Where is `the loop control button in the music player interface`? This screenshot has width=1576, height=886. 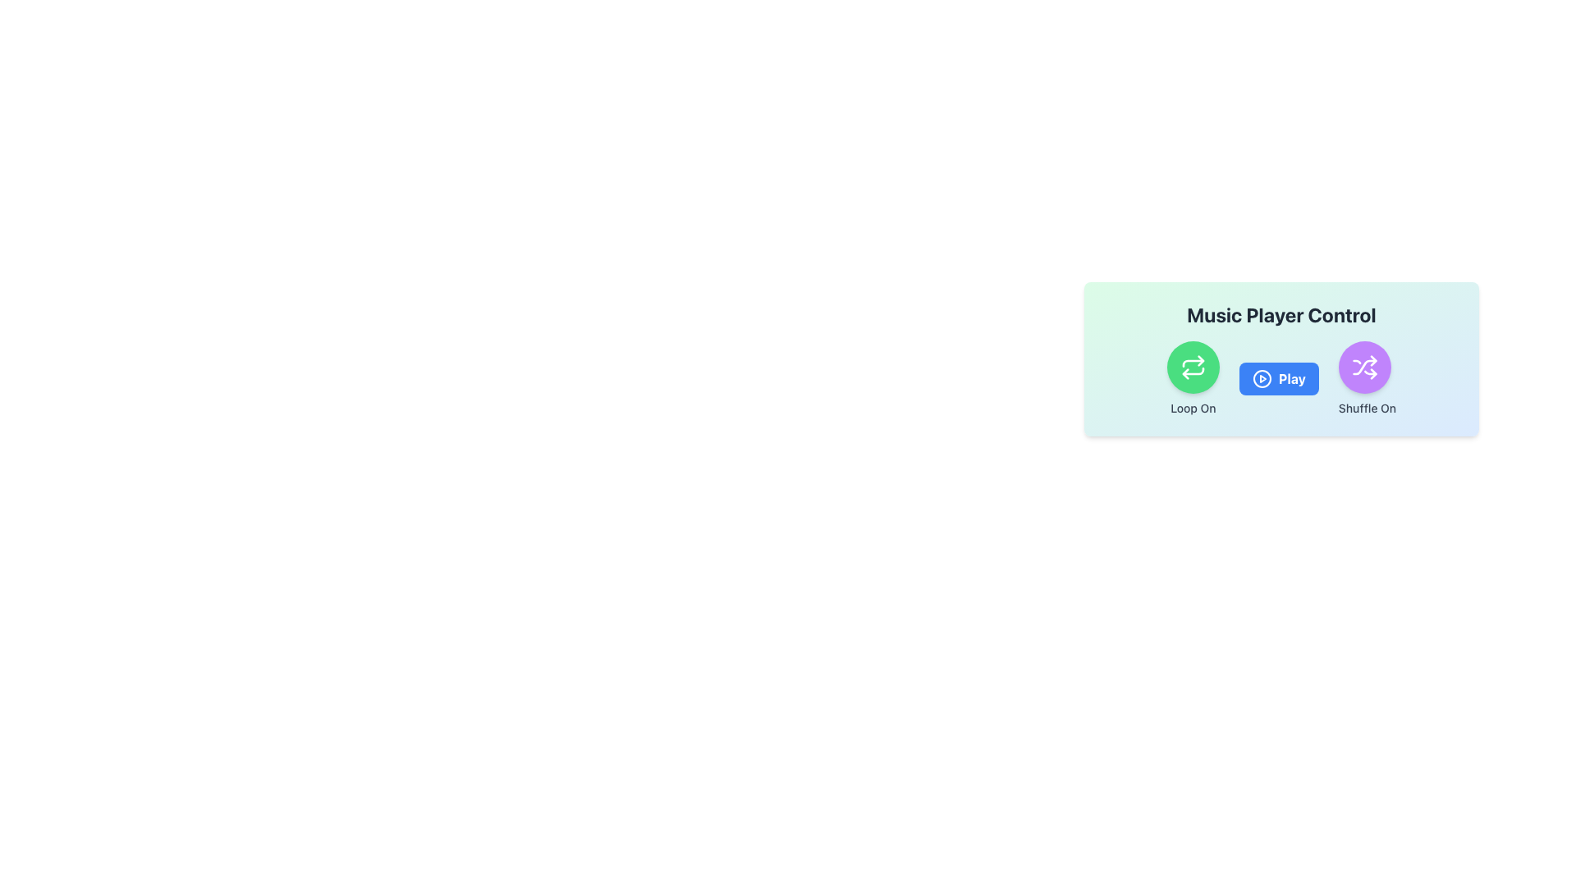
the loop control button in the music player interface is located at coordinates (1193, 366).